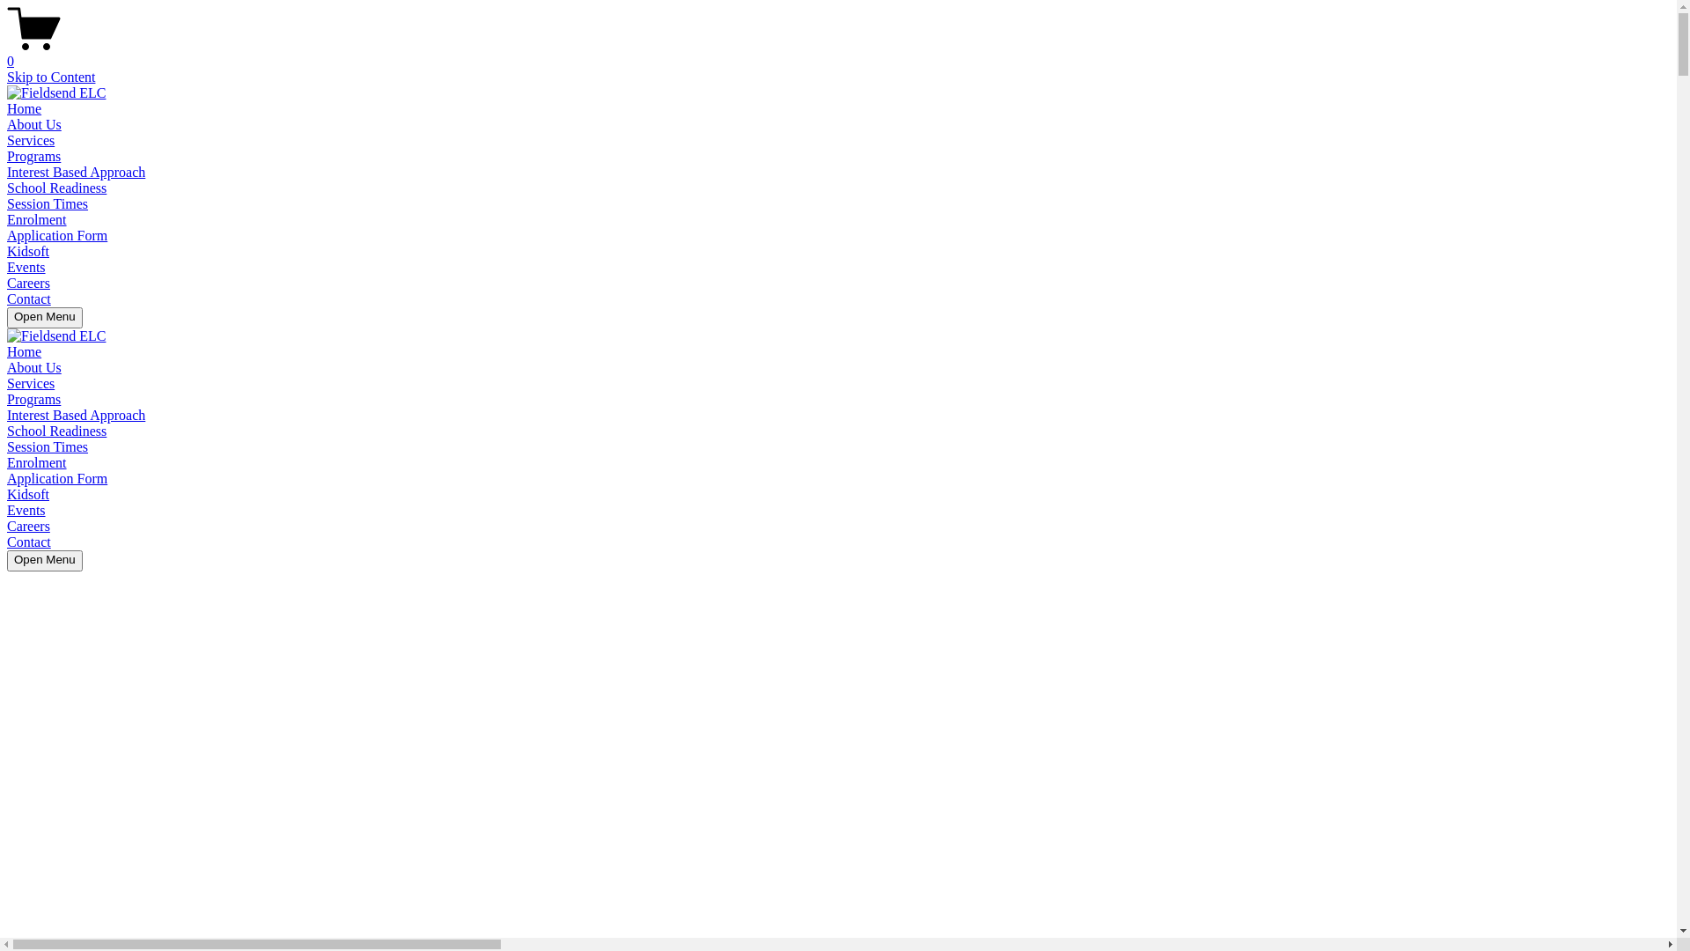 Image resolution: width=1690 pixels, height=951 pixels. Describe the element at coordinates (29, 298) in the screenshot. I see `'Contact'` at that location.